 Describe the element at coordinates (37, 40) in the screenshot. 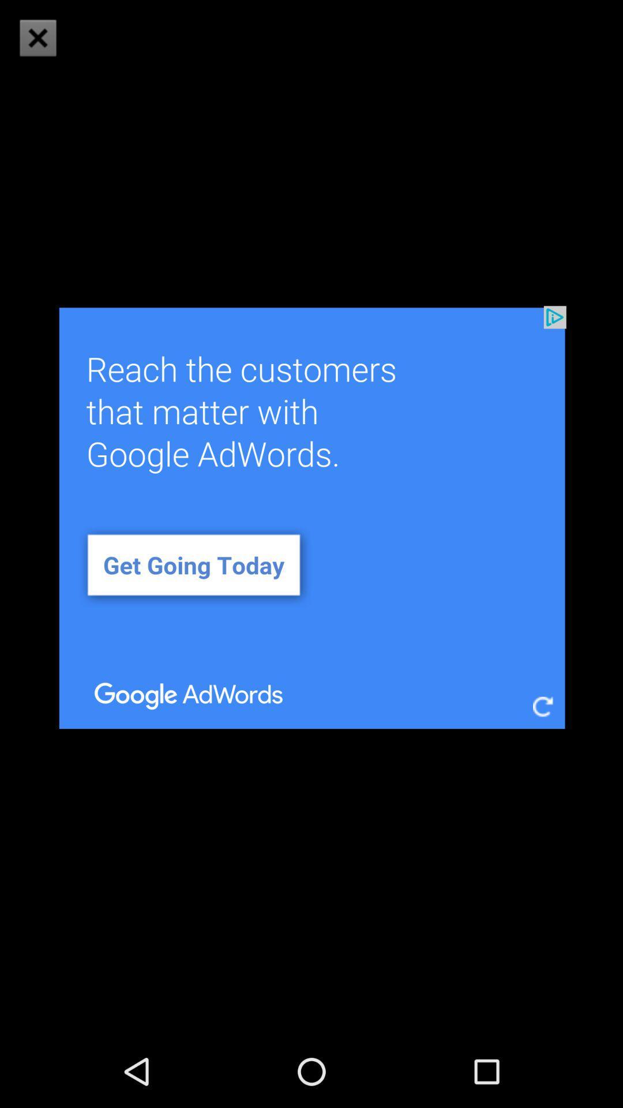

I see `the close icon` at that location.